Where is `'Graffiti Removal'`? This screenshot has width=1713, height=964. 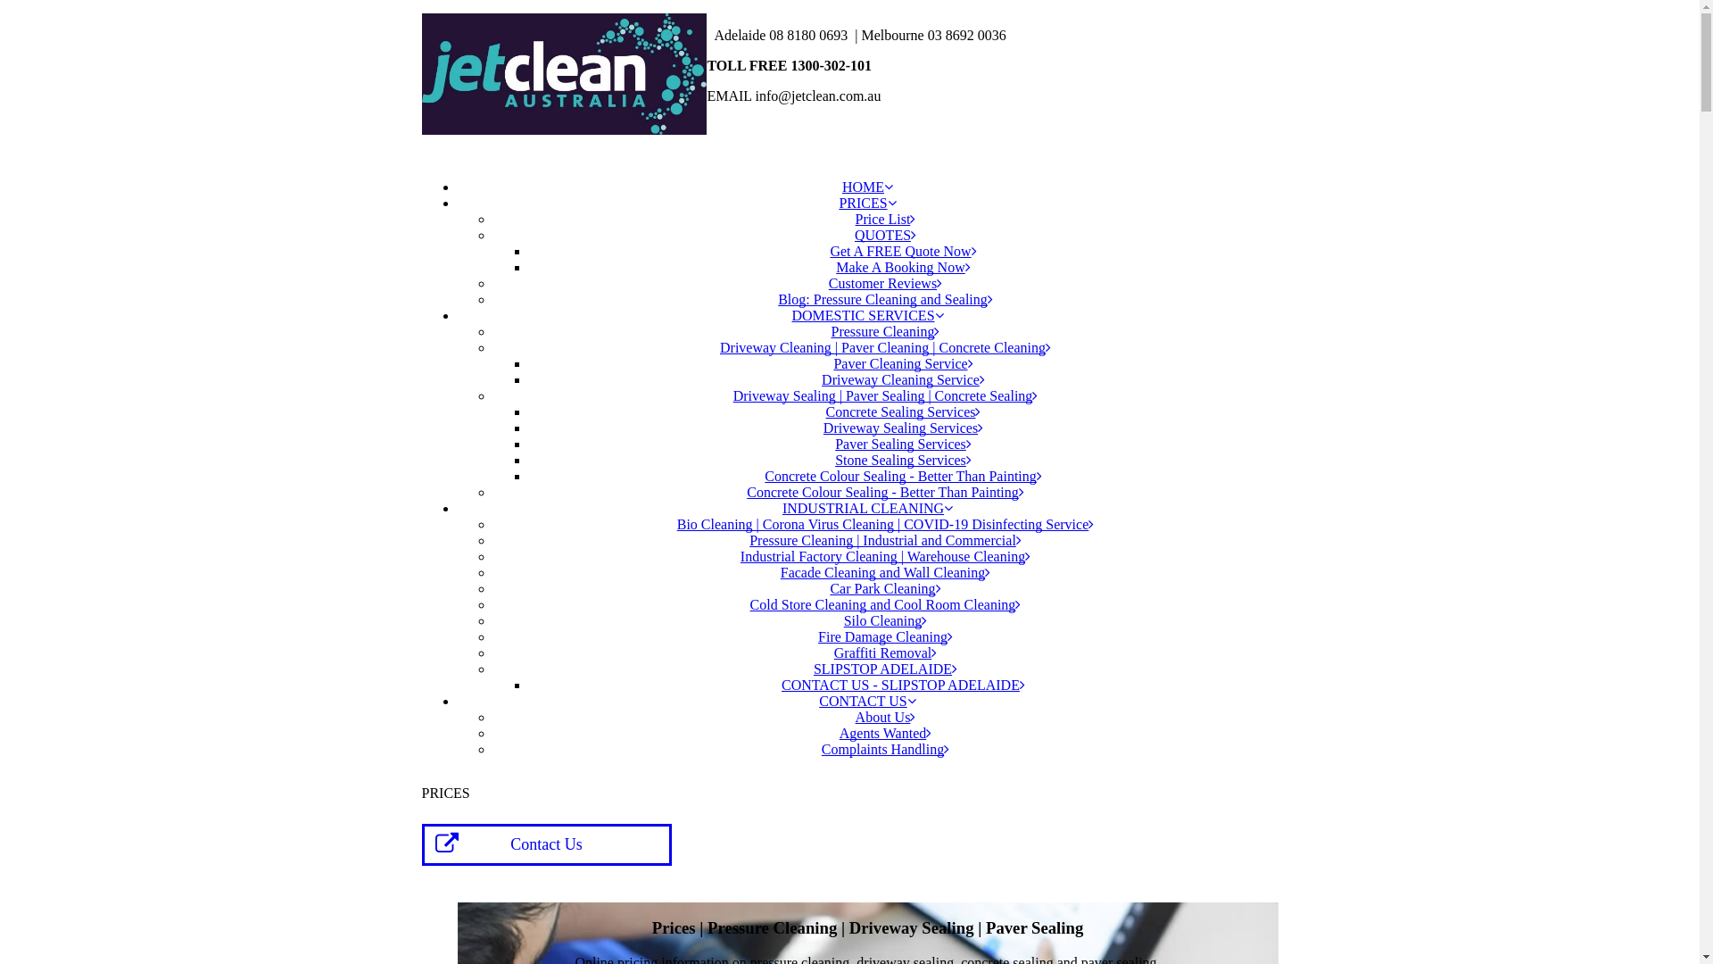
'Graffiti Removal' is located at coordinates (833, 652).